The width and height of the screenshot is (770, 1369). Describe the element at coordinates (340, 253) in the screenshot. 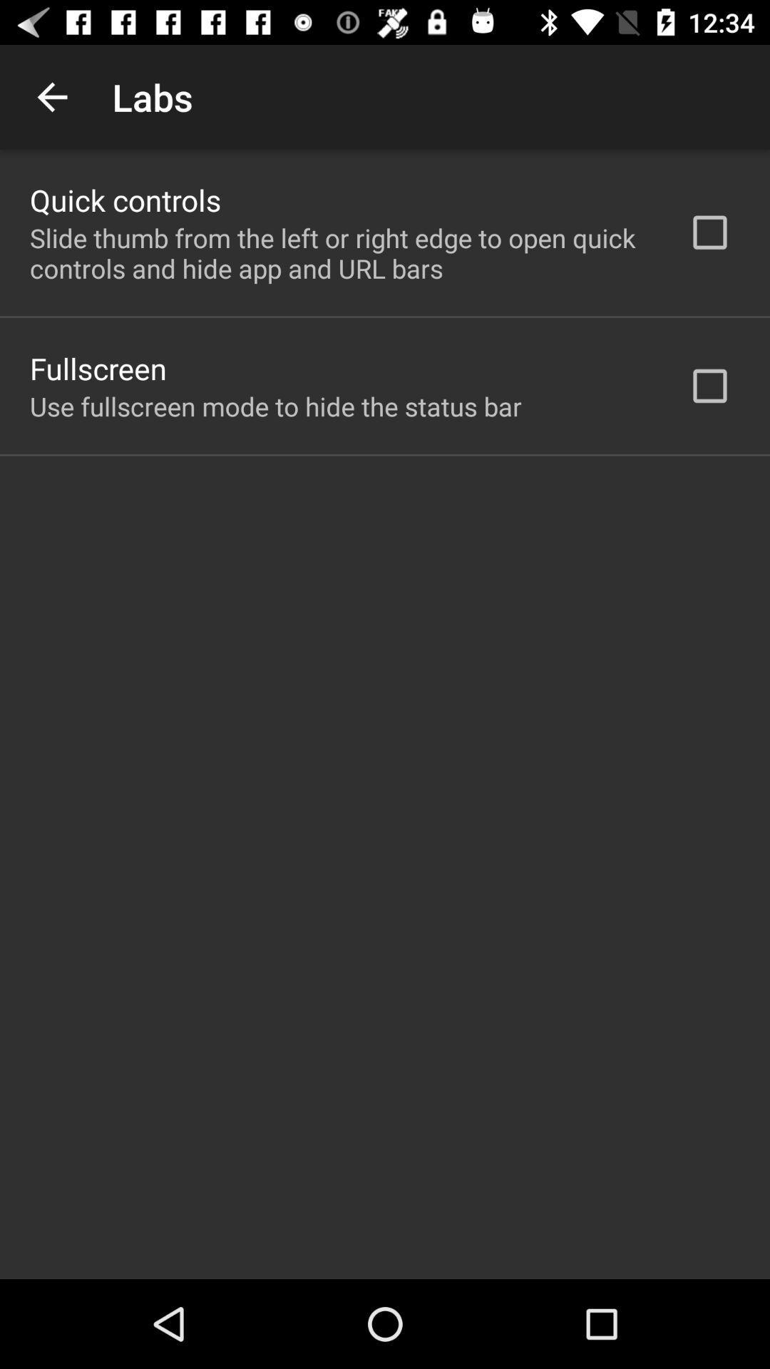

I see `icon below the quick controls app` at that location.